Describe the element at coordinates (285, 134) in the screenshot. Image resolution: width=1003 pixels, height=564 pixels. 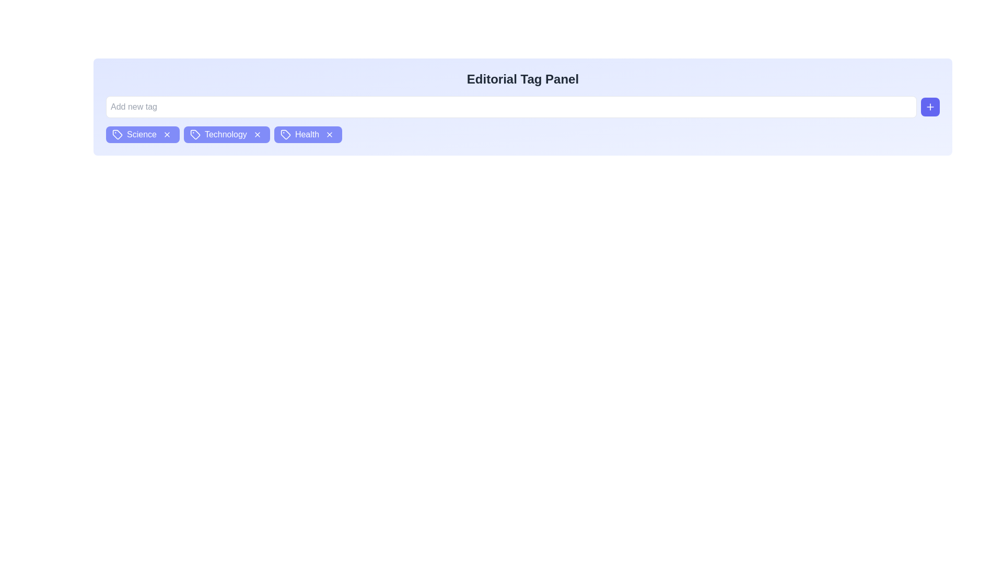
I see `the 'Health' tag icon, which is a graphical icon shaped like a tag, outlined thinly, located to the left of the text 'Health'` at that location.